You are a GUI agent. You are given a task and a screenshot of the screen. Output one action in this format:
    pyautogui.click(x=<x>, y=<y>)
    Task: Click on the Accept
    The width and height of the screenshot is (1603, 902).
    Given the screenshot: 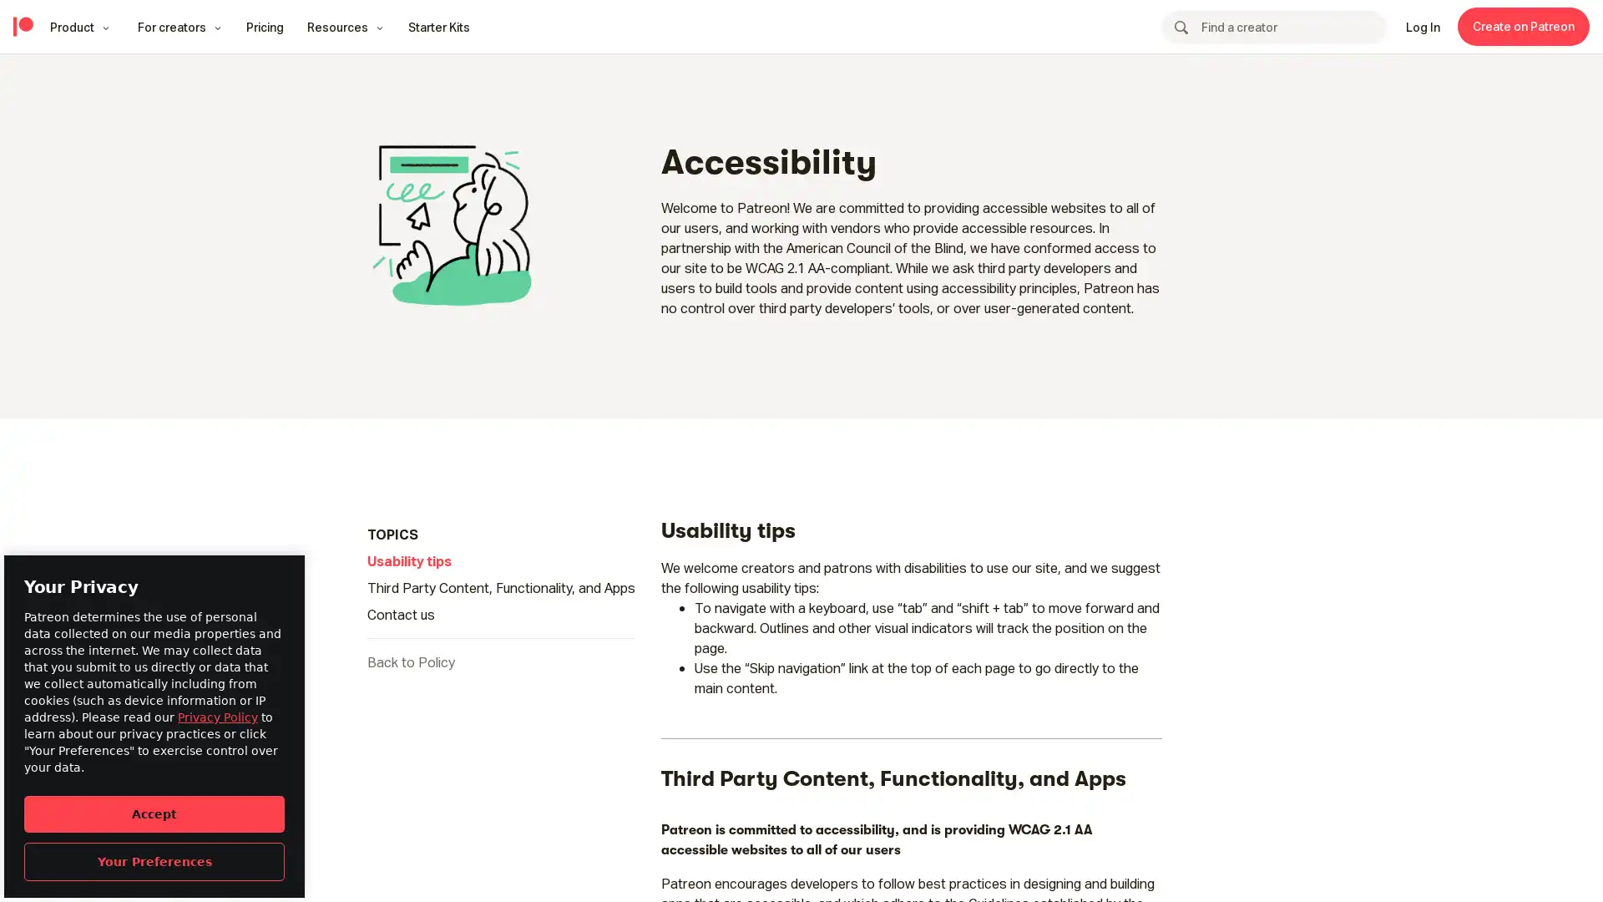 What is the action you would take?
    pyautogui.click(x=154, y=813)
    